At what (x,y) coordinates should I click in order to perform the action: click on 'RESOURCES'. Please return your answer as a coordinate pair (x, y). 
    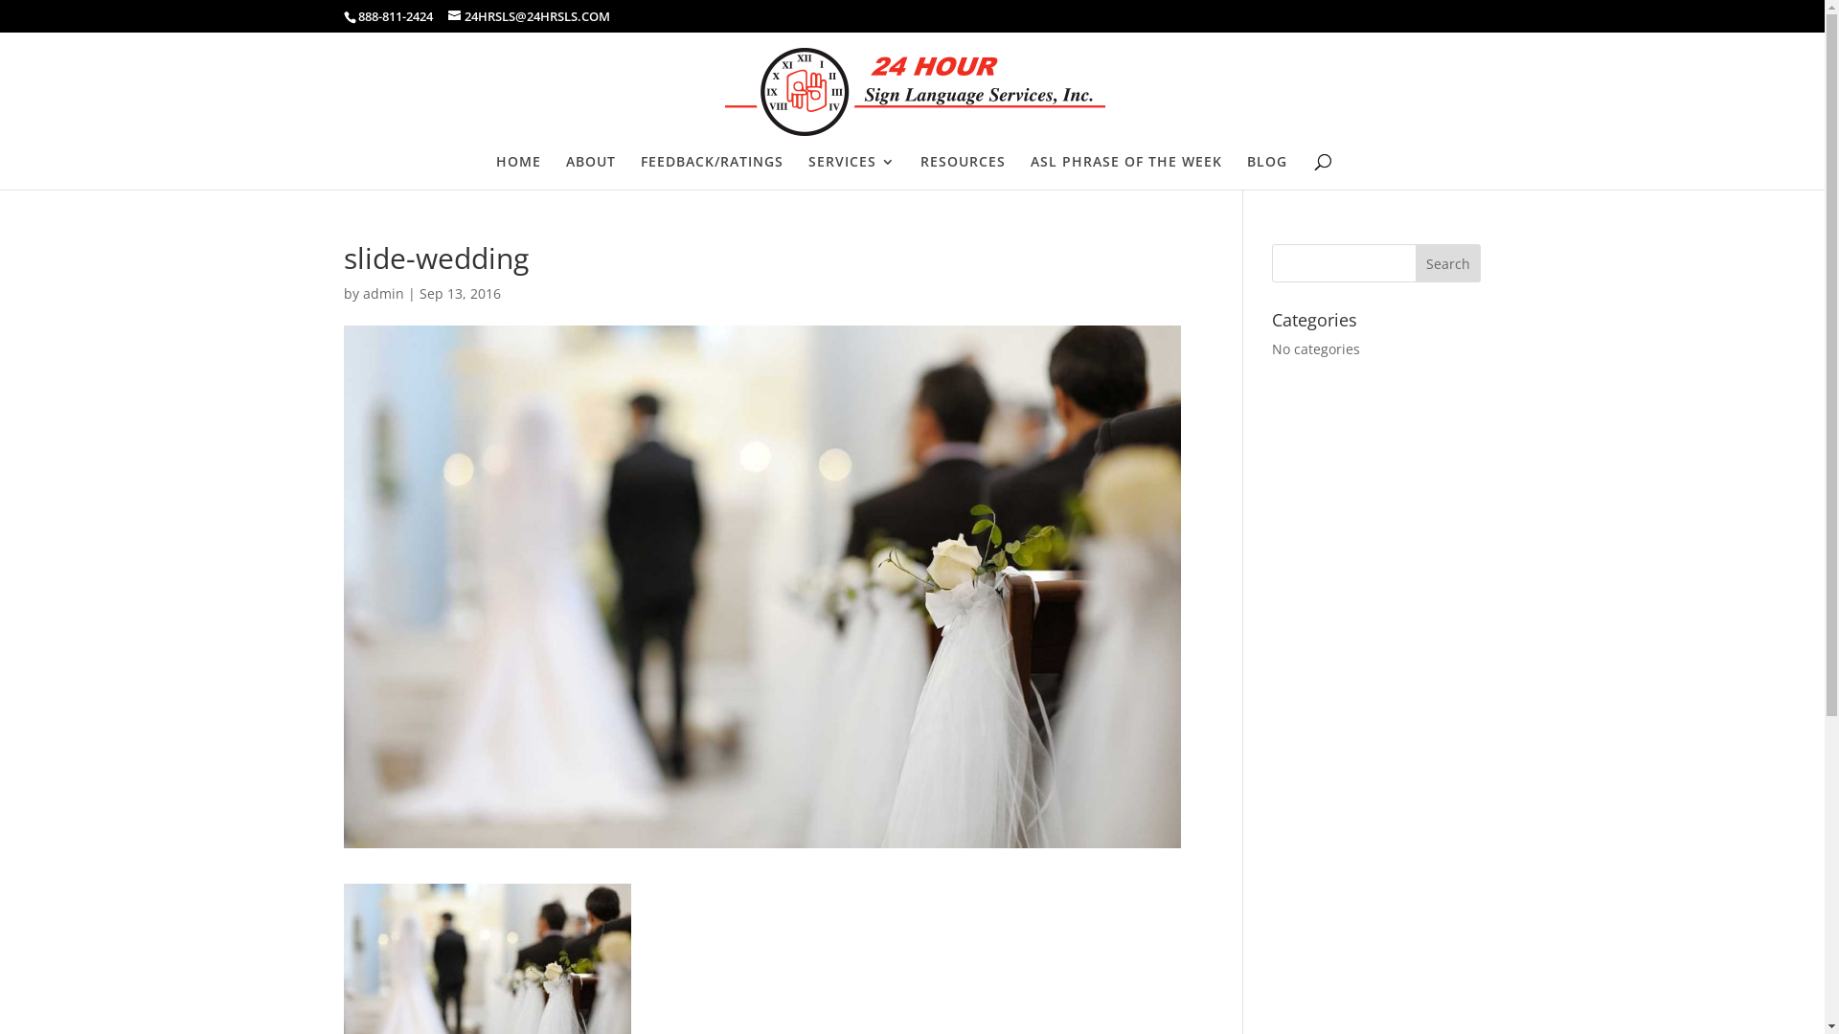
    Looking at the image, I should click on (962, 172).